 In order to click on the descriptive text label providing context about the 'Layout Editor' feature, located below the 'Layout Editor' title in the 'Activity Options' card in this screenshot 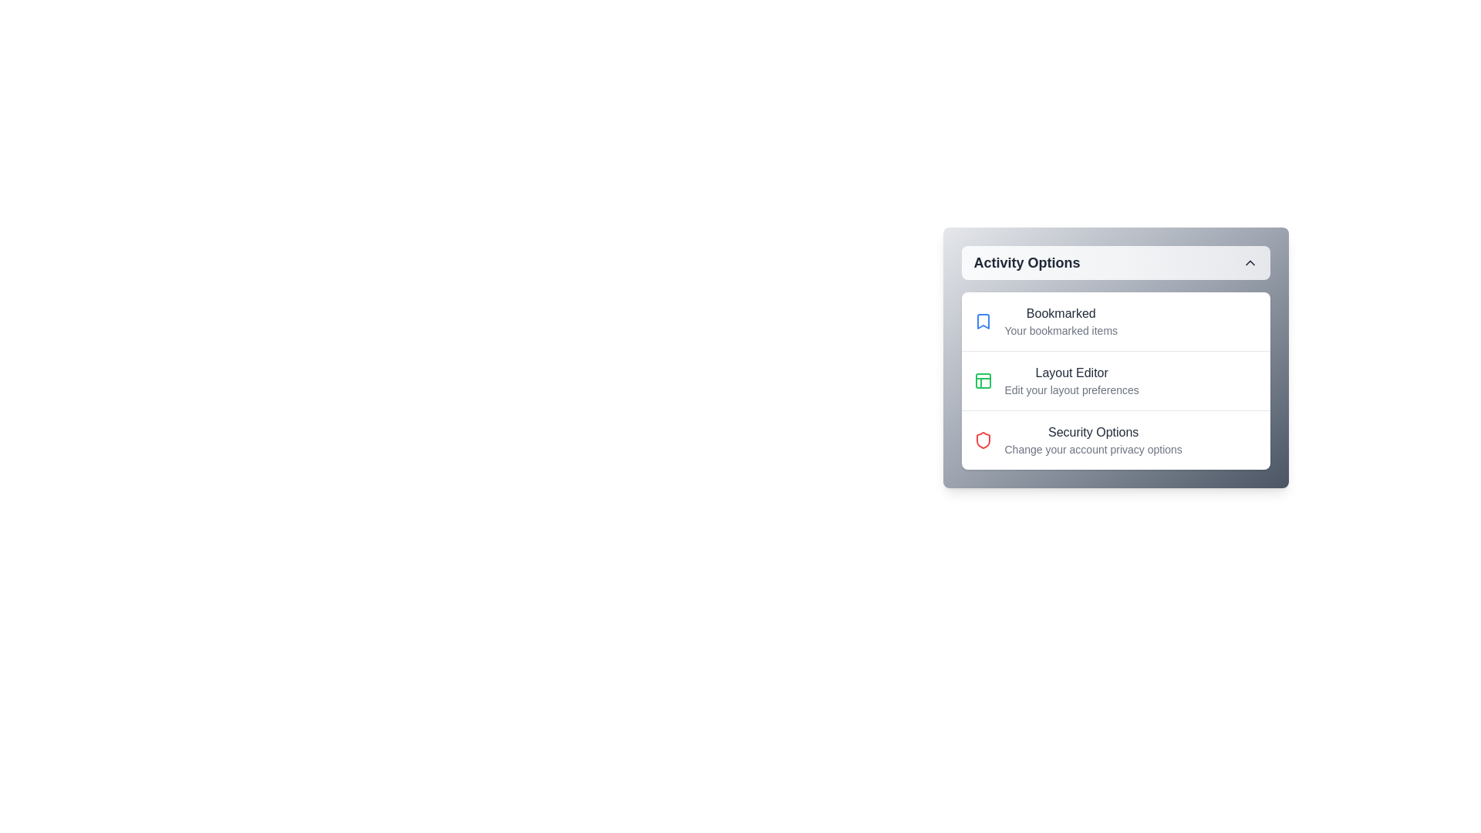, I will do `click(1071, 389)`.